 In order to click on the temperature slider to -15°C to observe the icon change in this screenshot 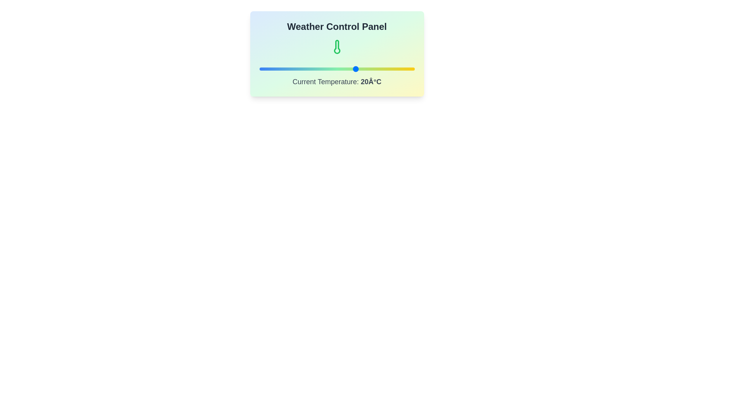, I will do `click(288, 68)`.